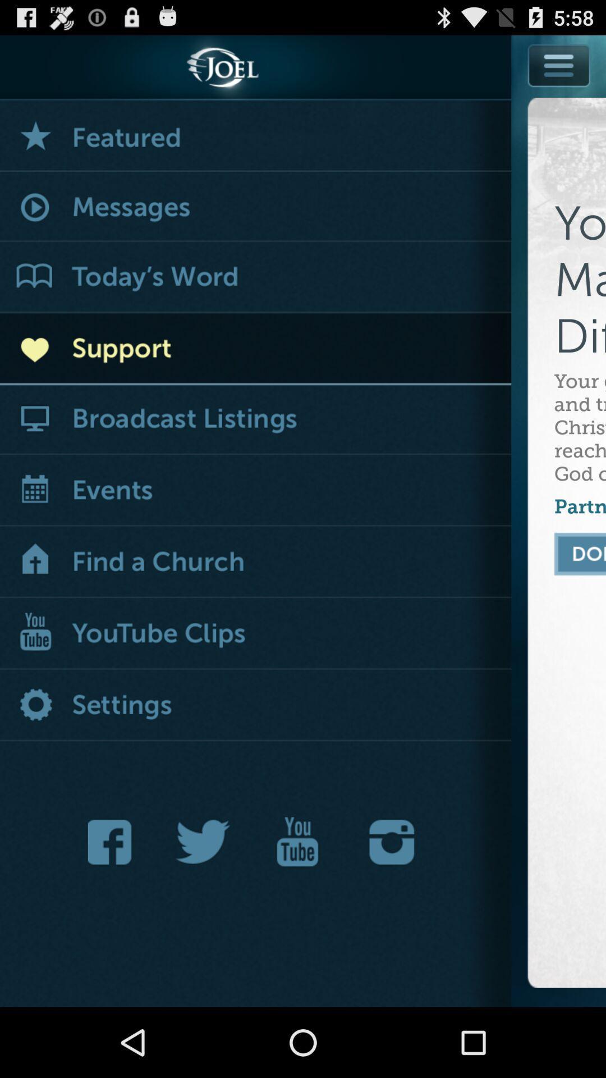 The height and width of the screenshot is (1078, 606). What do you see at coordinates (255, 634) in the screenshot?
I see `youtube clips` at bounding box center [255, 634].